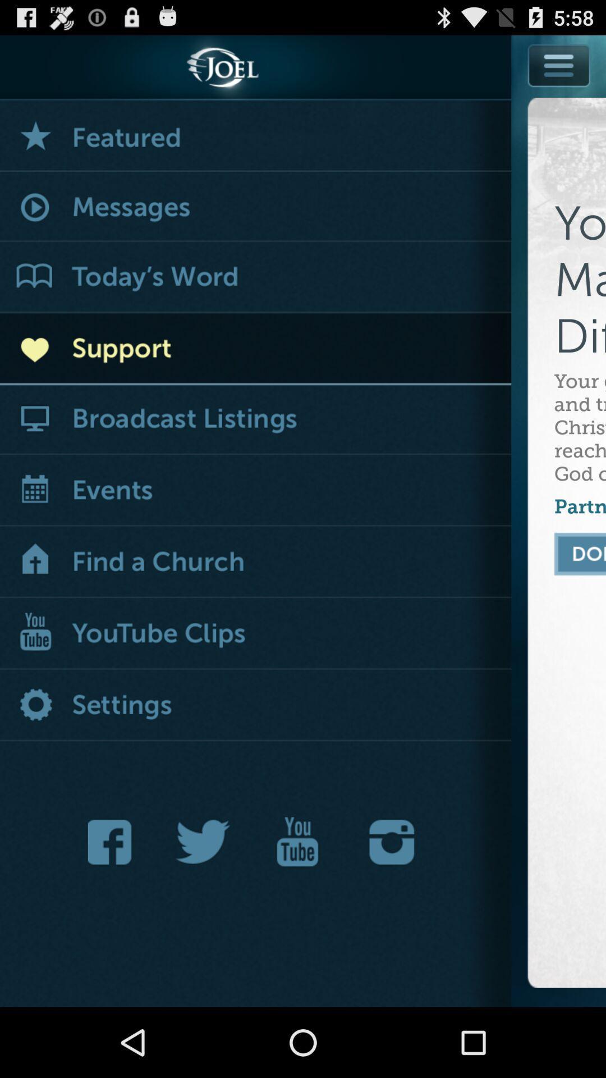 The height and width of the screenshot is (1078, 606). What do you see at coordinates (255, 634) in the screenshot?
I see `youtube clips` at bounding box center [255, 634].